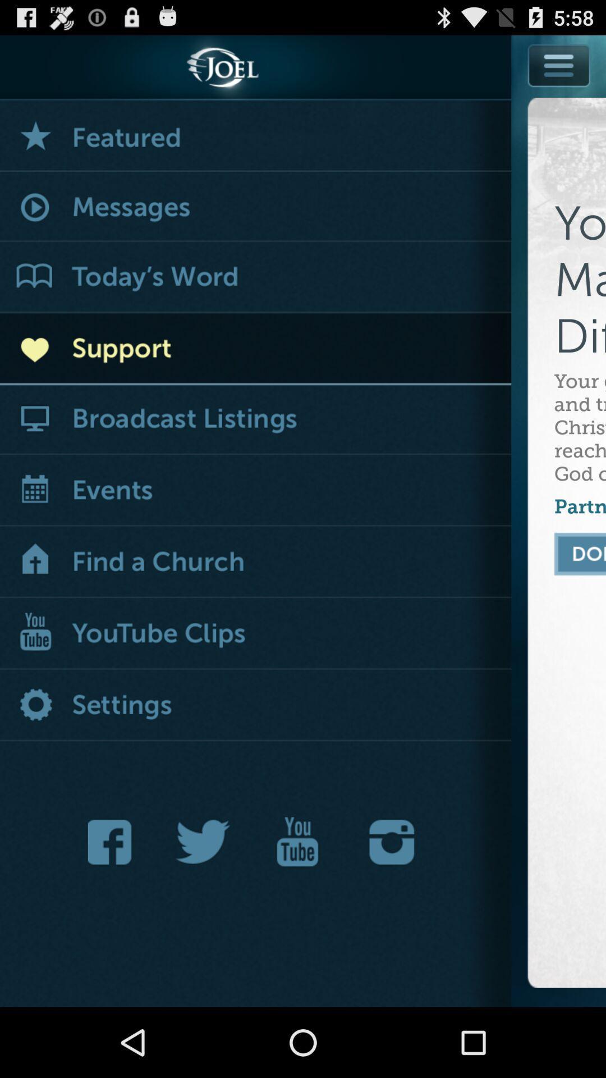 The height and width of the screenshot is (1078, 606). What do you see at coordinates (255, 634) in the screenshot?
I see `youtube clips` at bounding box center [255, 634].